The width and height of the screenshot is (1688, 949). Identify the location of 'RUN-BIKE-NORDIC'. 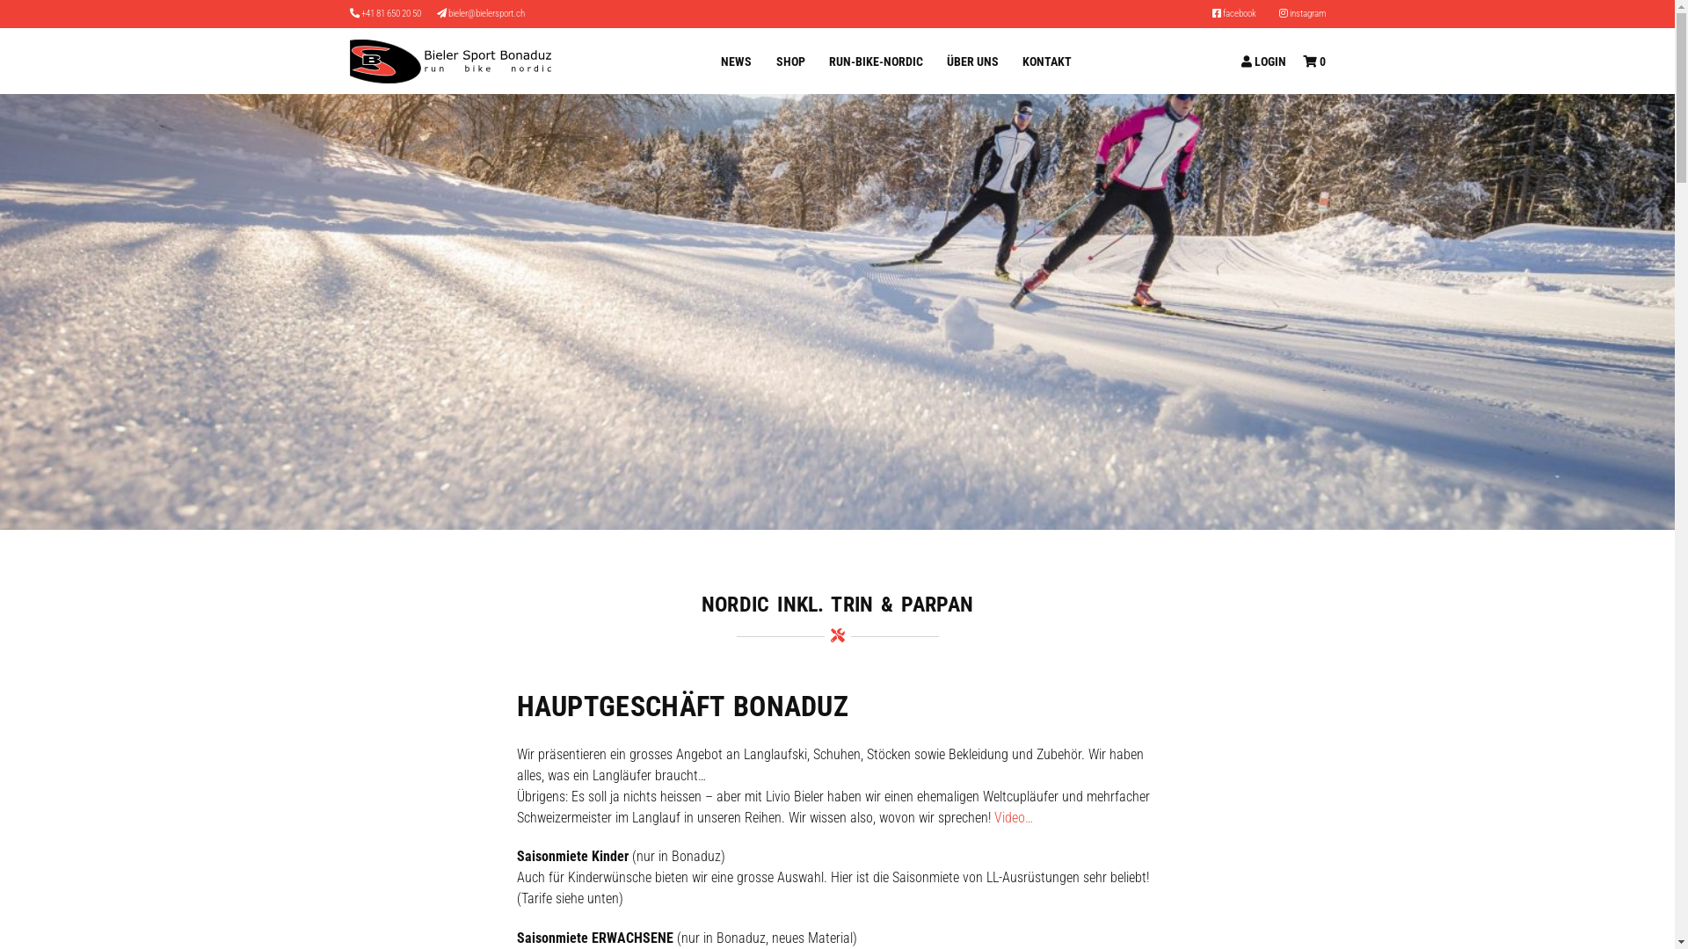
(876, 60).